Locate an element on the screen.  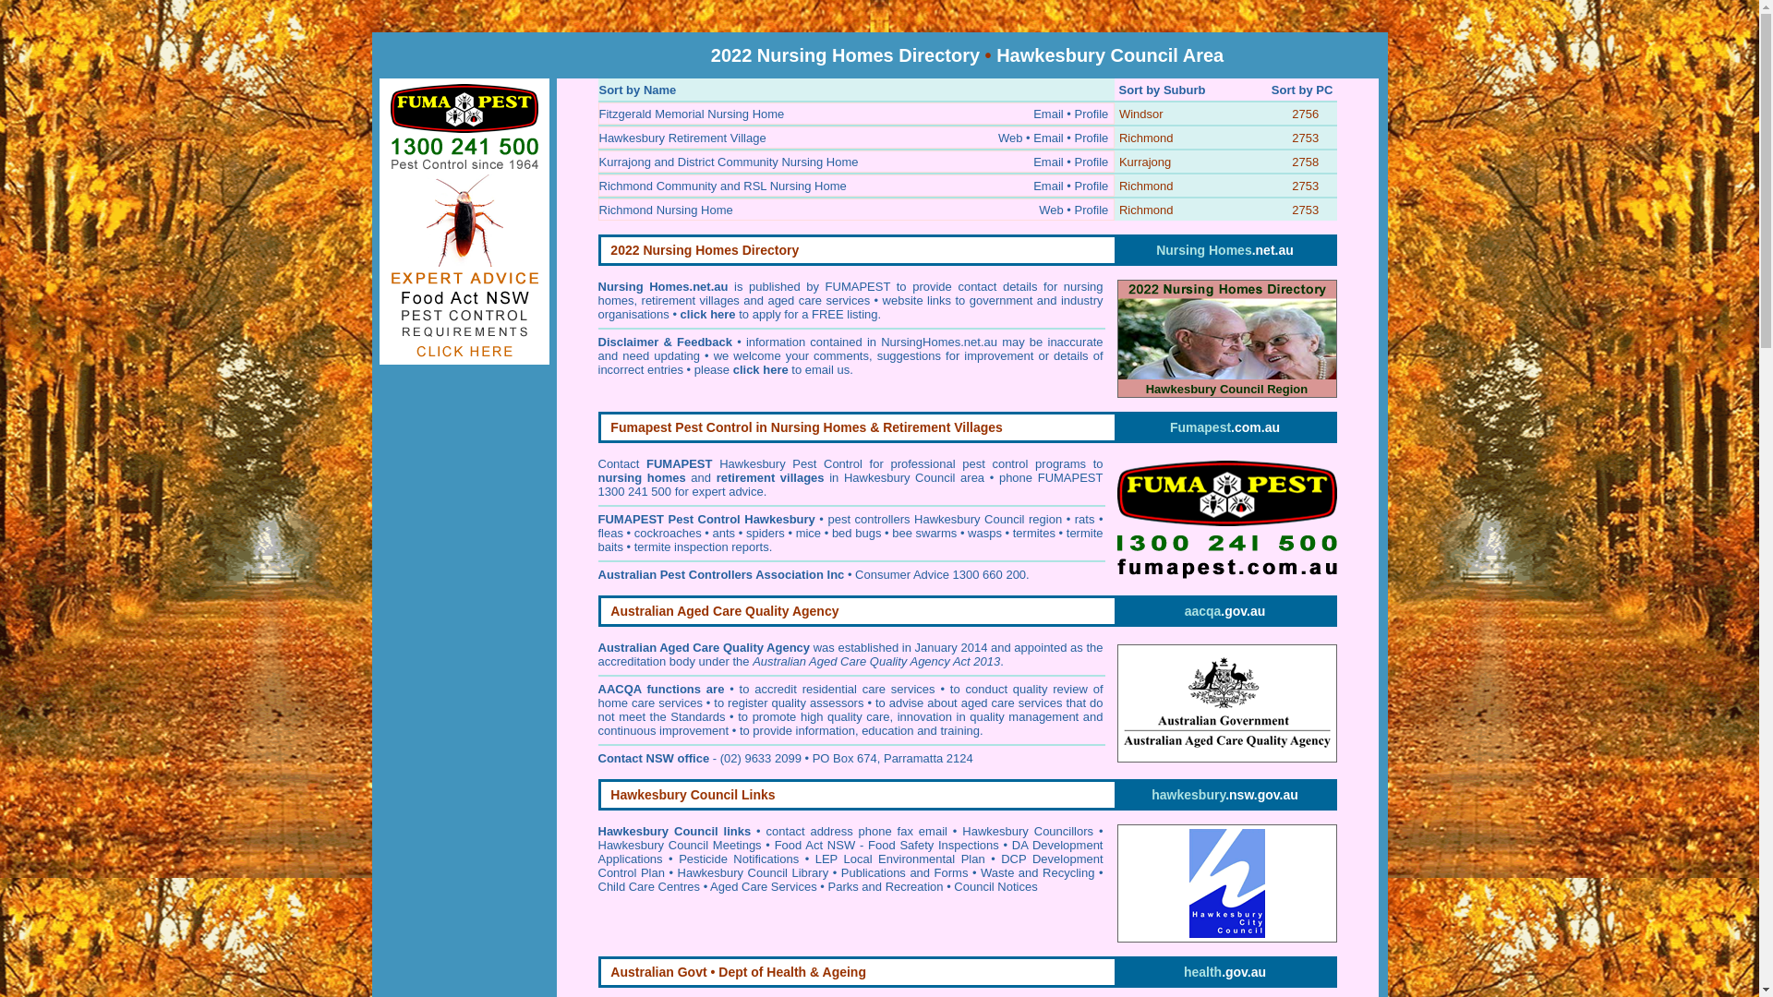
'health.gov.au' is located at coordinates (1224, 971).